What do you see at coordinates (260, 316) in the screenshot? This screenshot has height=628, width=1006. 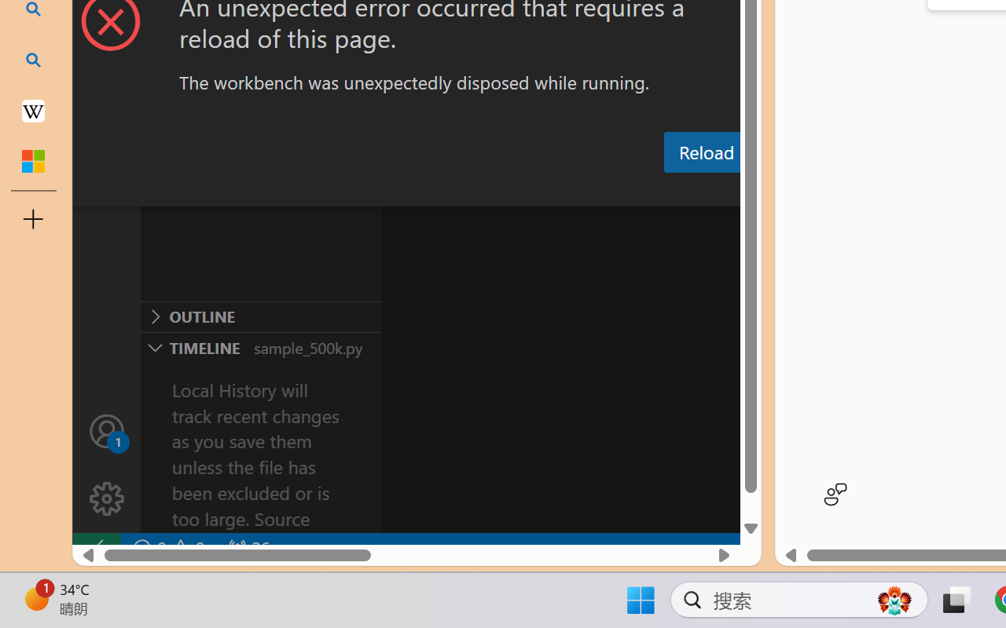 I see `'Outline Section'` at bounding box center [260, 316].